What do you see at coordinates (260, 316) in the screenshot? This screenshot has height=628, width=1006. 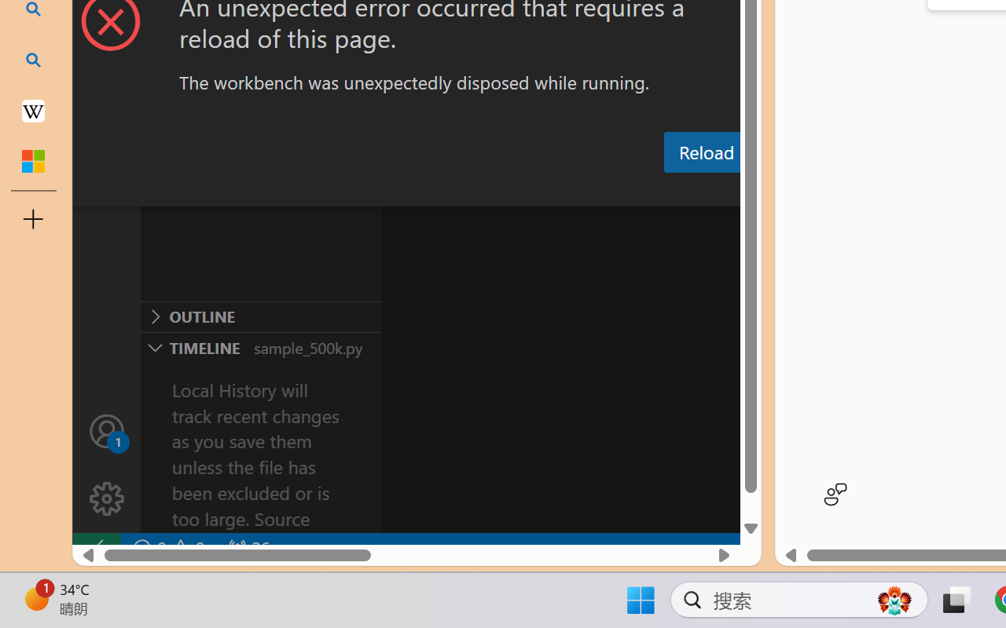 I see `'Outline Section'` at bounding box center [260, 316].